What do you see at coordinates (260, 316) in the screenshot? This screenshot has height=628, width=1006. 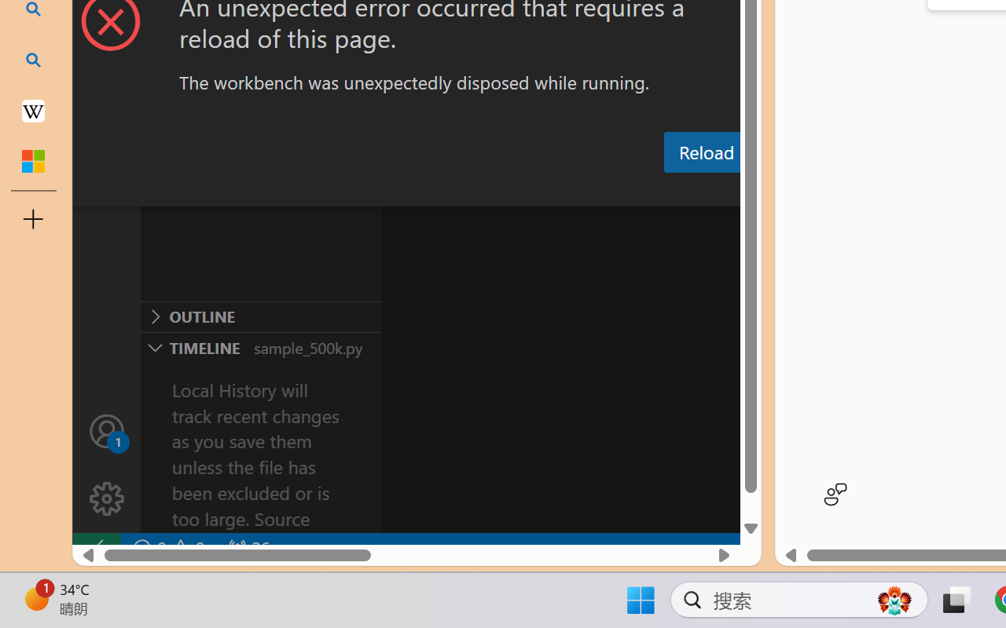 I see `'Outline Section'` at bounding box center [260, 316].